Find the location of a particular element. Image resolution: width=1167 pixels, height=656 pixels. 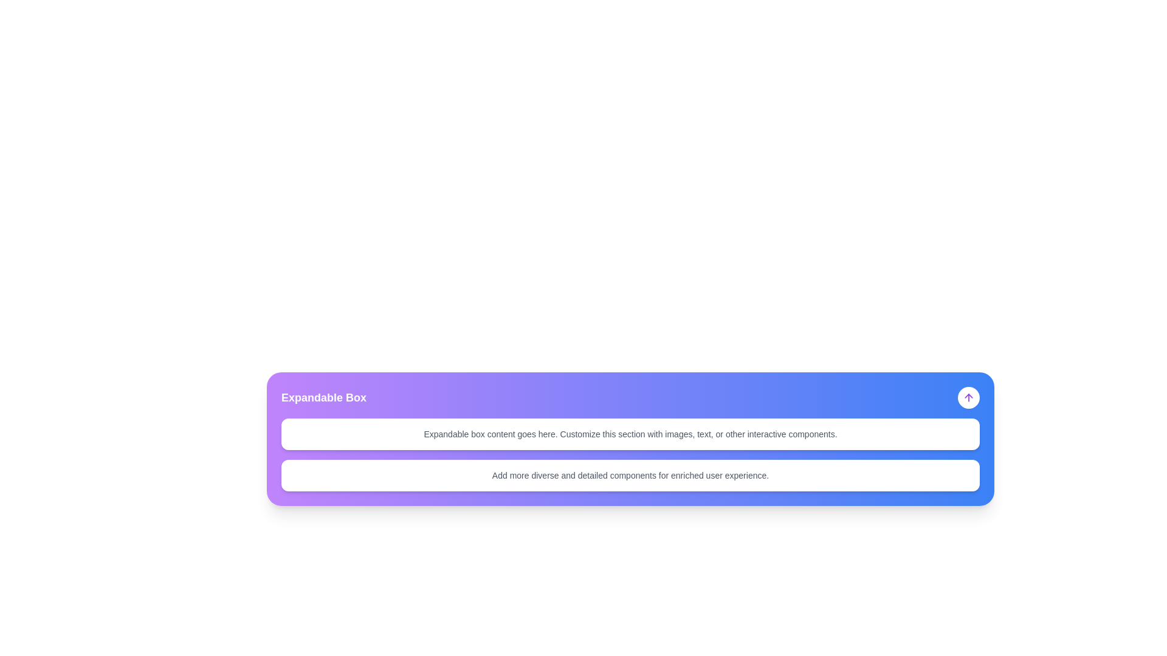

the button located in the top-right corner of the 'Expandable Box' section is located at coordinates (968, 398).